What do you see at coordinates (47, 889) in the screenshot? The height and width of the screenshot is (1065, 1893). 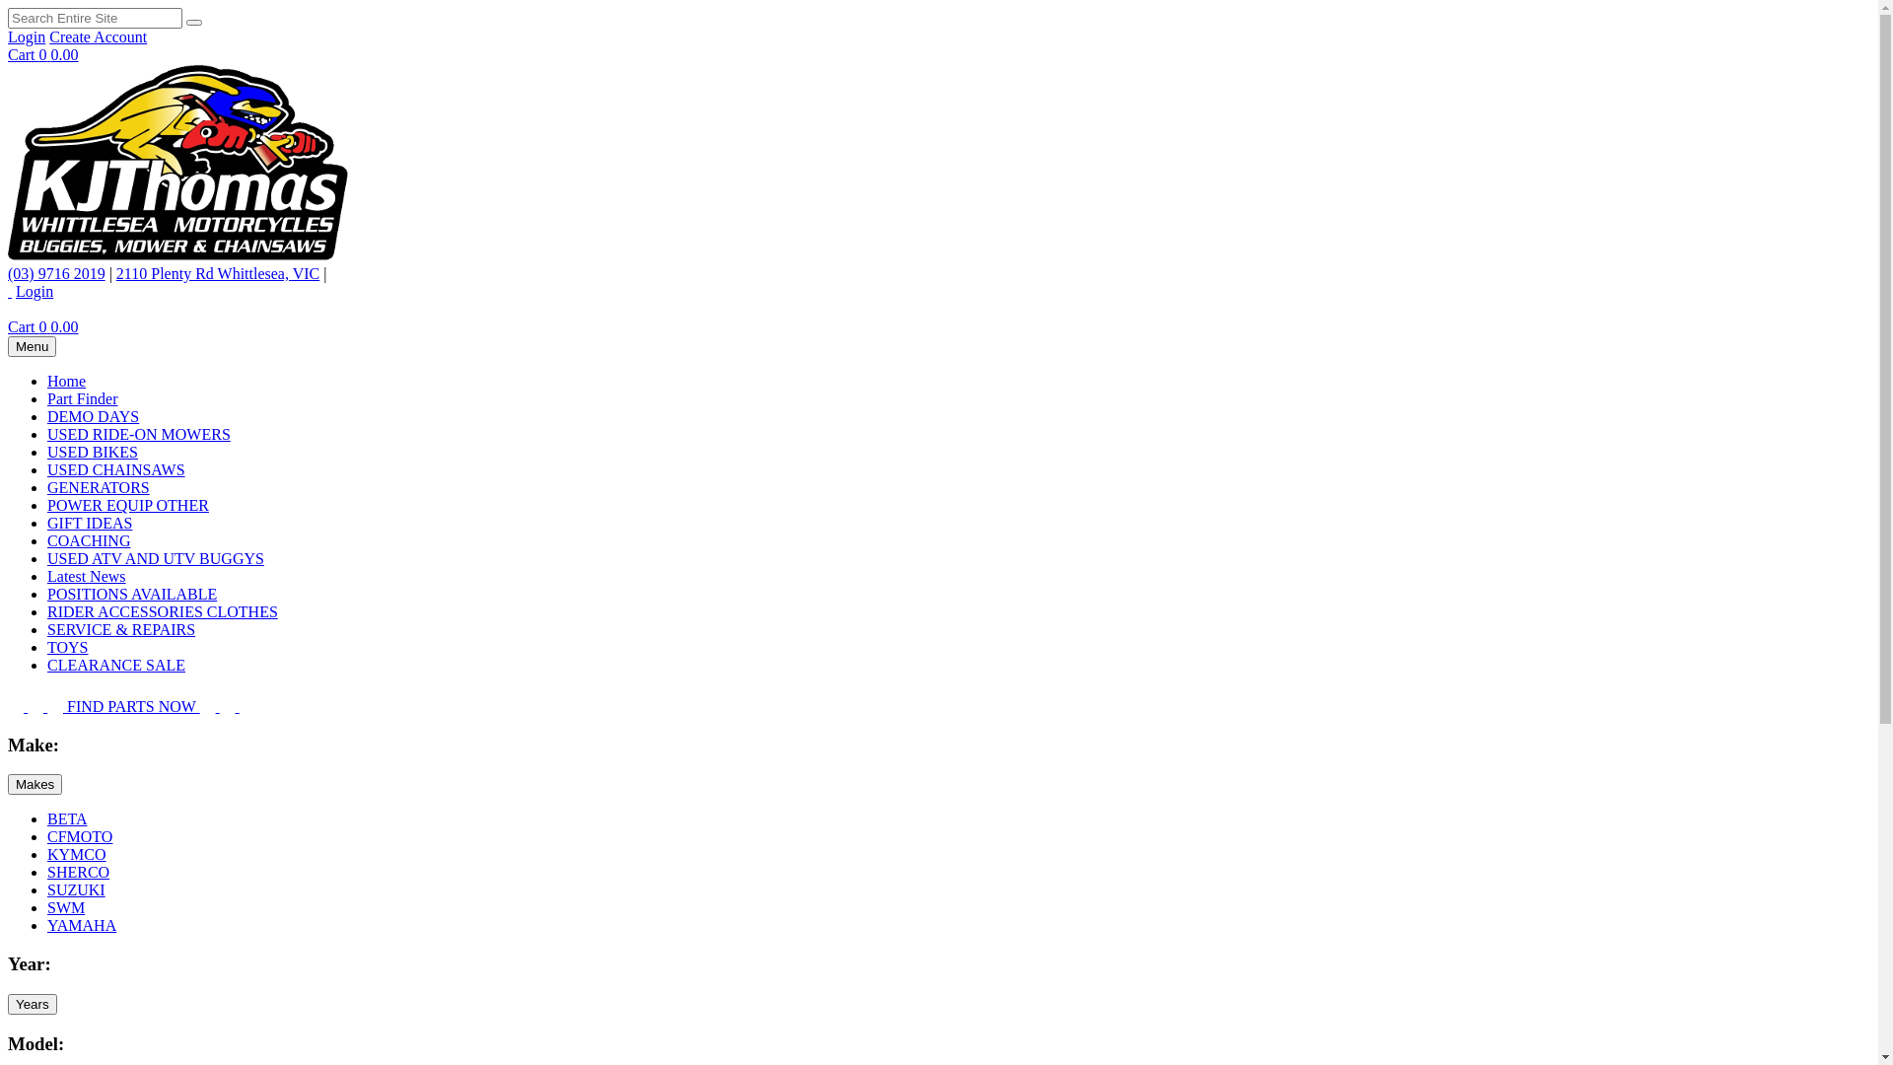 I see `'SUZUKI'` at bounding box center [47, 889].